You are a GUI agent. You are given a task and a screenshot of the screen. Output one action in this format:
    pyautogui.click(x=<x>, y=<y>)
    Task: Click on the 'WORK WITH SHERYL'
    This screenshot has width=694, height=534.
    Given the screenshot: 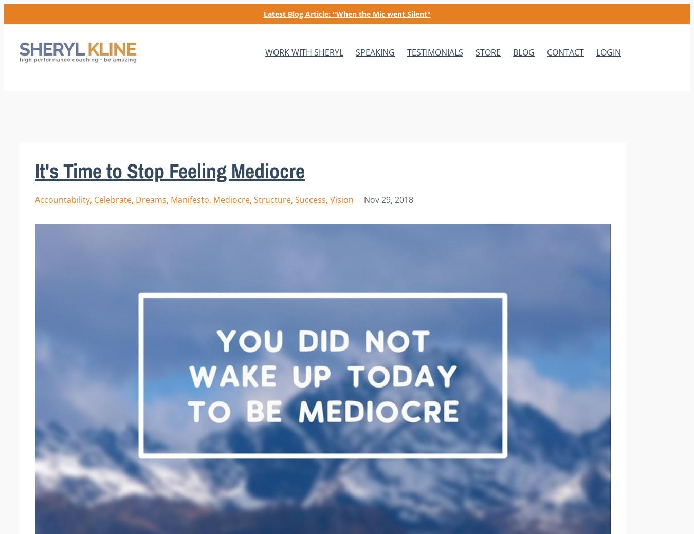 What is the action you would take?
    pyautogui.click(x=304, y=52)
    